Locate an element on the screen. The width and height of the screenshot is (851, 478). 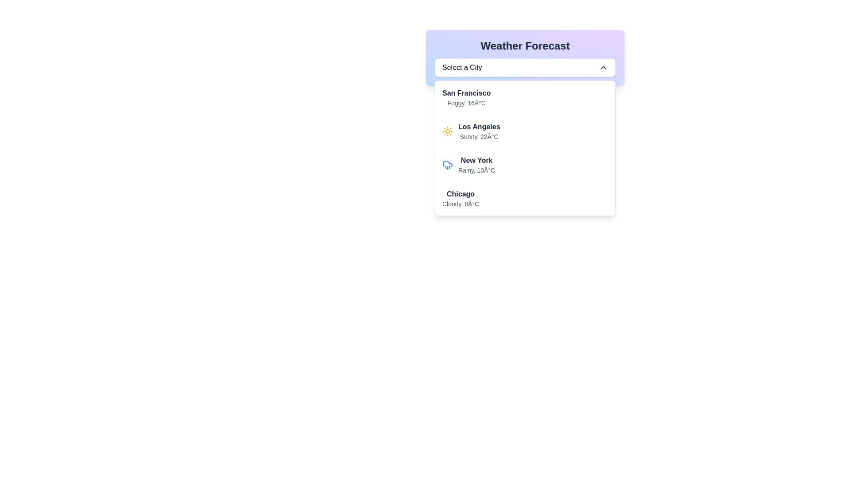
the static informational label displaying weather information for Chicago, which shows 'Chicago' in bold dark gray text and 'Cloudy, 8°C' below it in lighter gray text is located at coordinates (461, 198).